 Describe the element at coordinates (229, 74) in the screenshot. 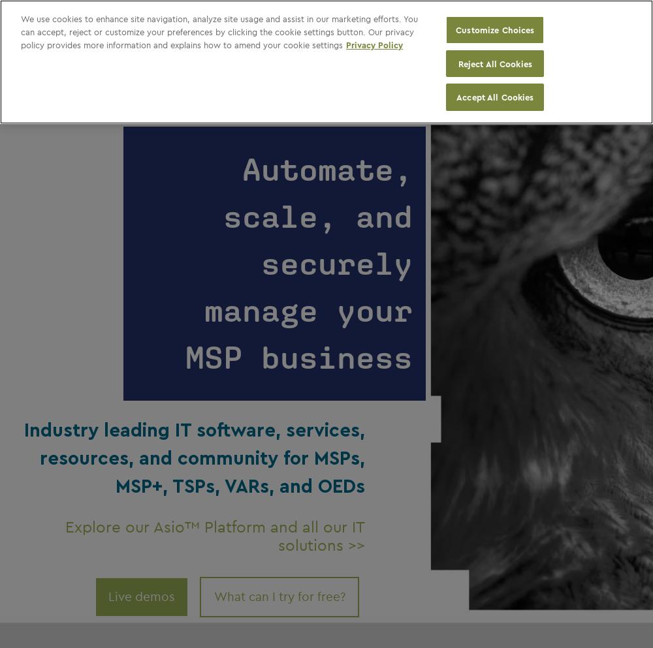

I see `'The industry leading conference for thought leadership and best practices'` at that location.